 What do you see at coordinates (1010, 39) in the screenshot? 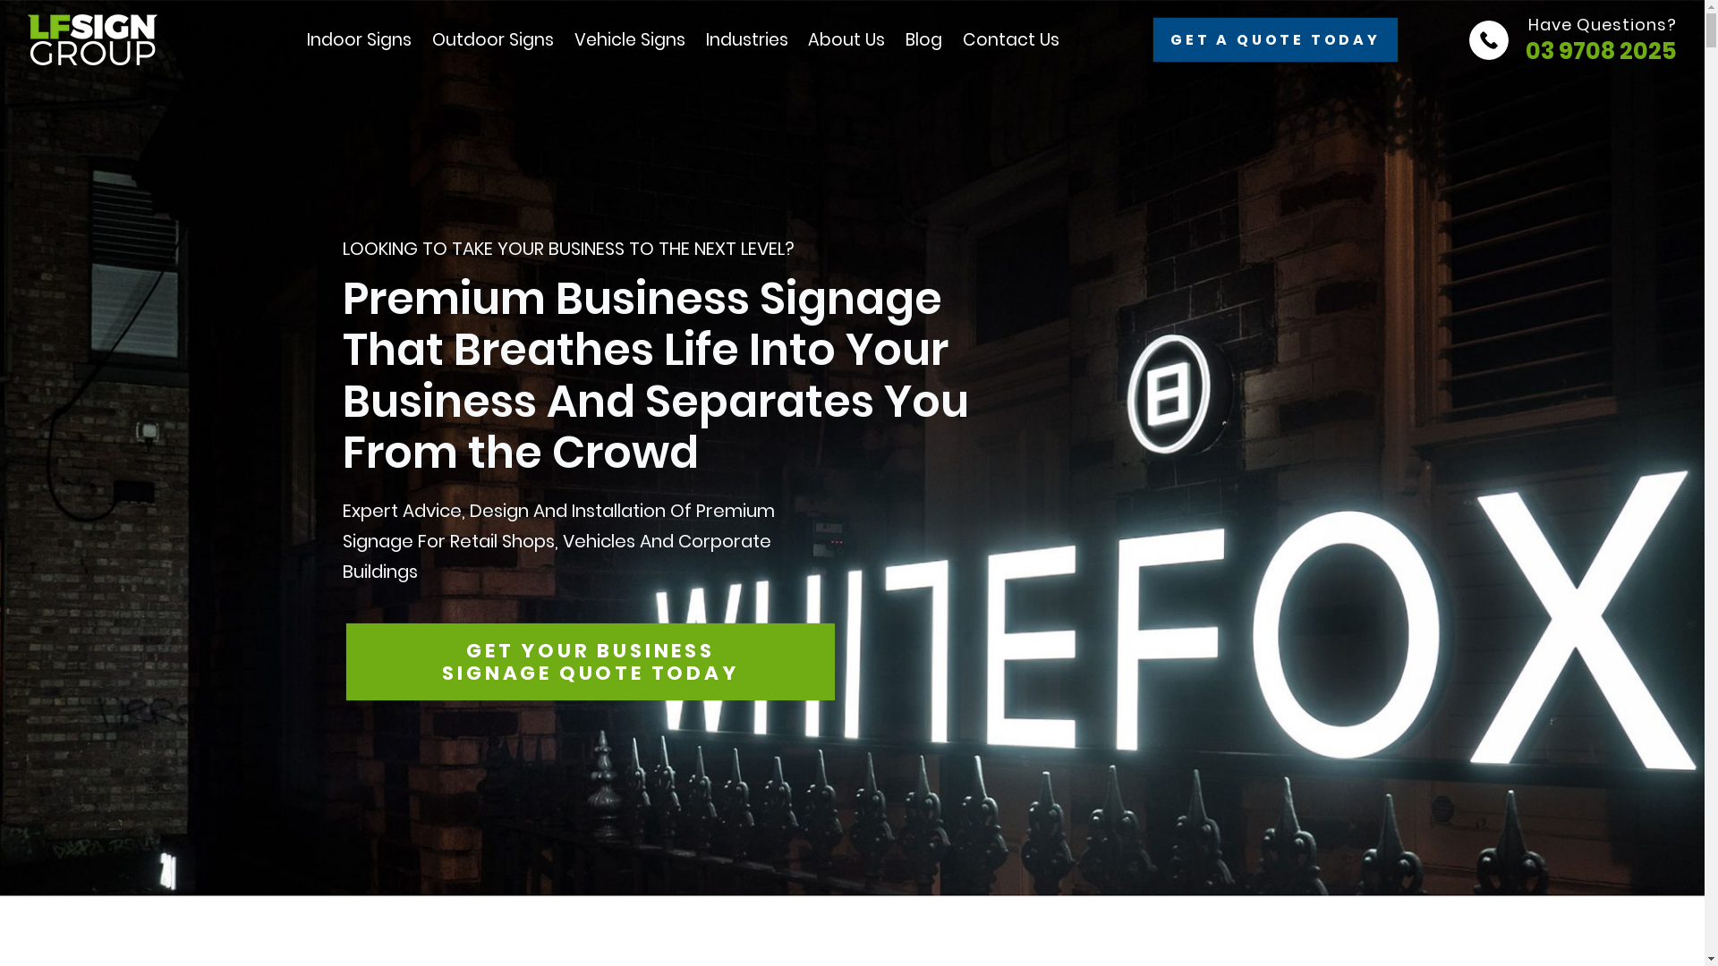
I see `'Contact Us'` at bounding box center [1010, 39].